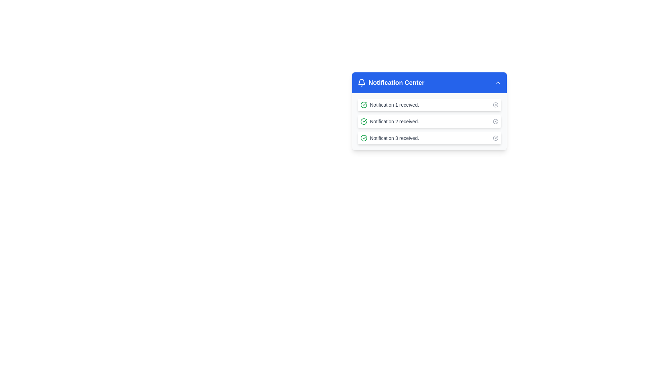  I want to click on description of the first notification in the notification center, which is represented by the text label positioned to the right of the green checkmark icon, so click(394, 105).